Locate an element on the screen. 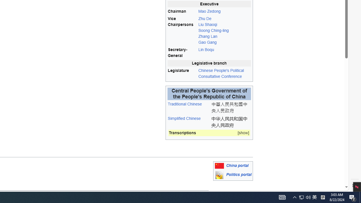 This screenshot has height=203, width=361. 'Legislature' is located at coordinates (182, 73).